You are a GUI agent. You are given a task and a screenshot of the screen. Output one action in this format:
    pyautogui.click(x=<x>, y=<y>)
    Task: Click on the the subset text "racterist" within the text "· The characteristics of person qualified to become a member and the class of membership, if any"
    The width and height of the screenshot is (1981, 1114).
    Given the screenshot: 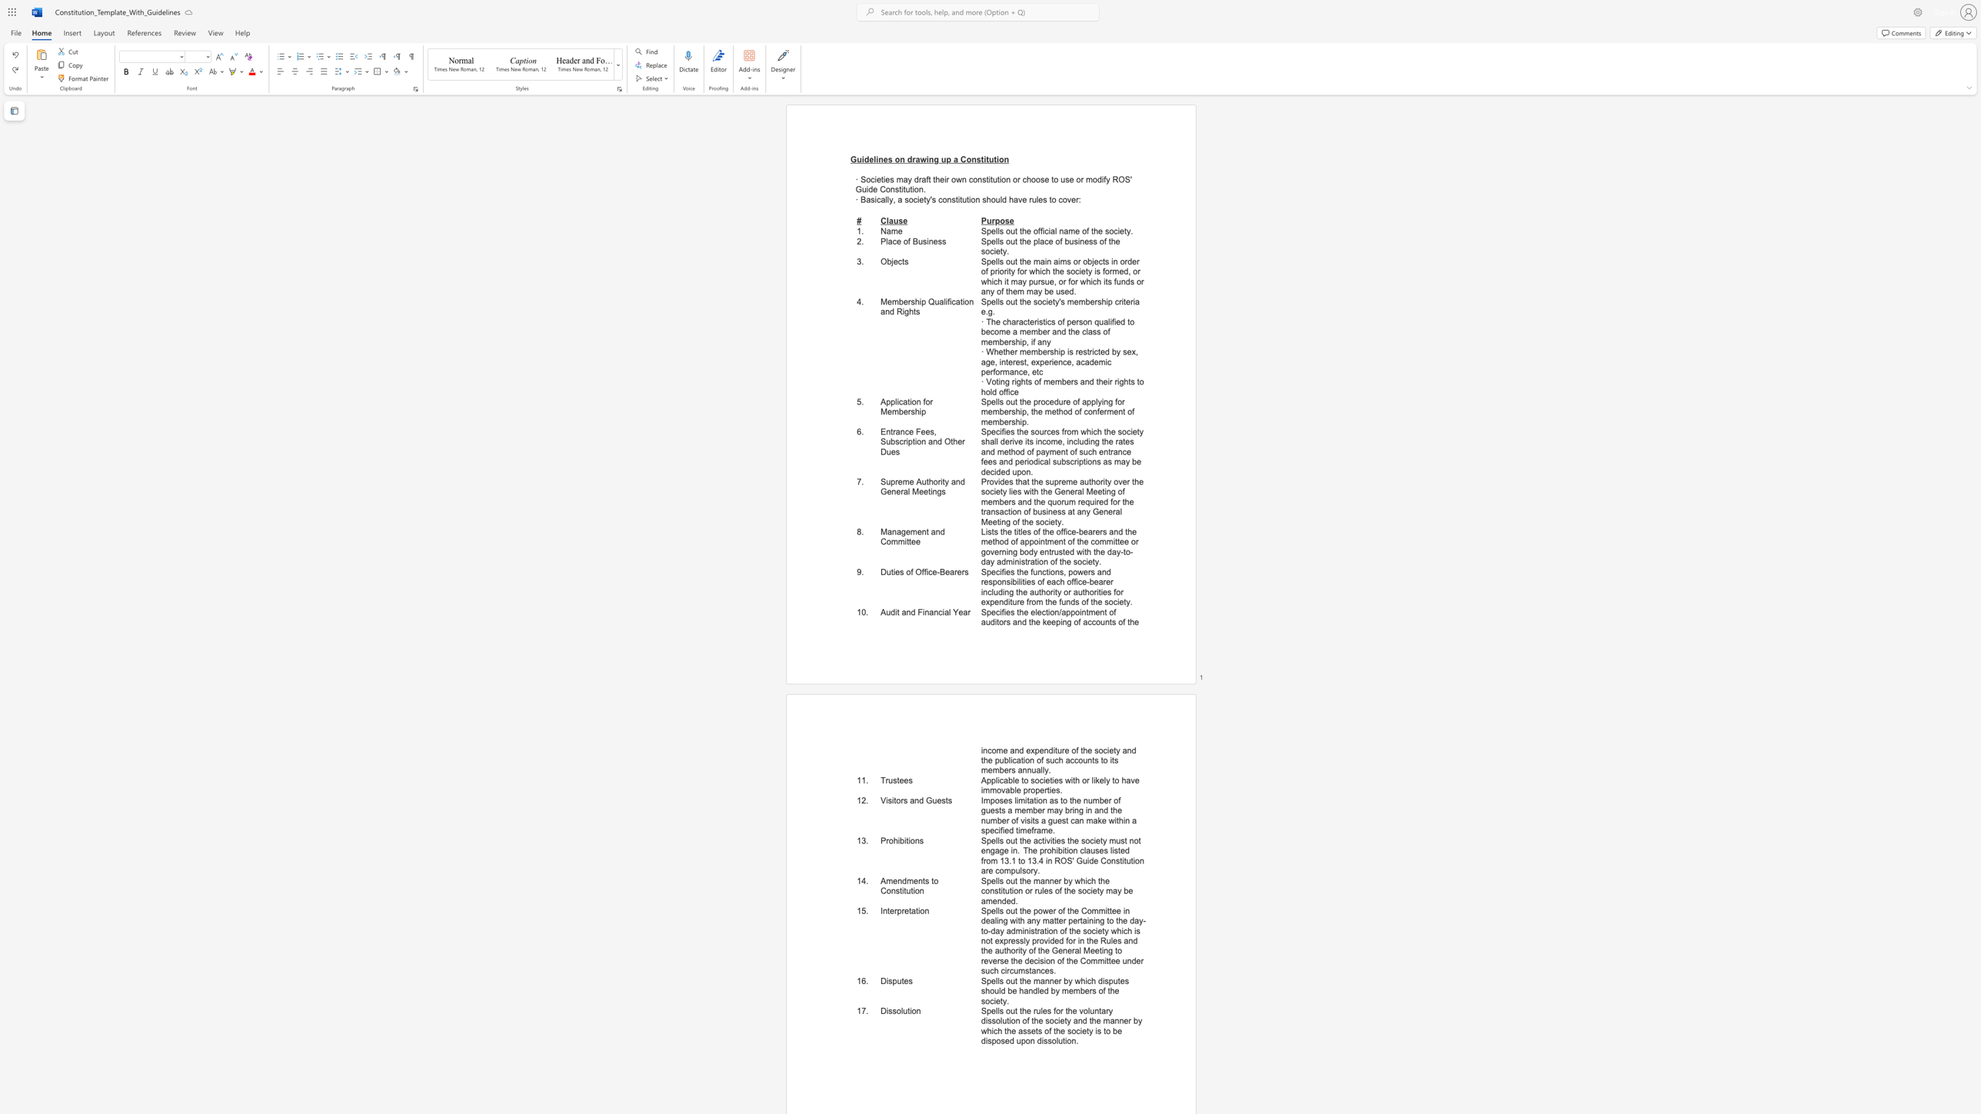 What is the action you would take?
    pyautogui.click(x=1015, y=321)
    